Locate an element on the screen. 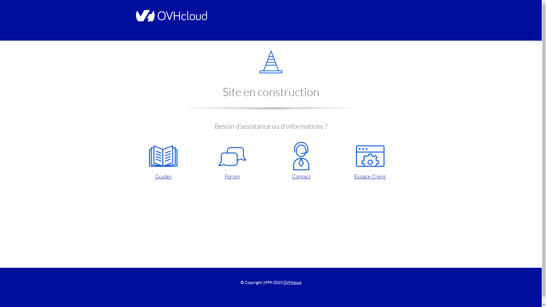 Image resolution: width=546 pixels, height=307 pixels. 'Espace Client' is located at coordinates (370, 161).